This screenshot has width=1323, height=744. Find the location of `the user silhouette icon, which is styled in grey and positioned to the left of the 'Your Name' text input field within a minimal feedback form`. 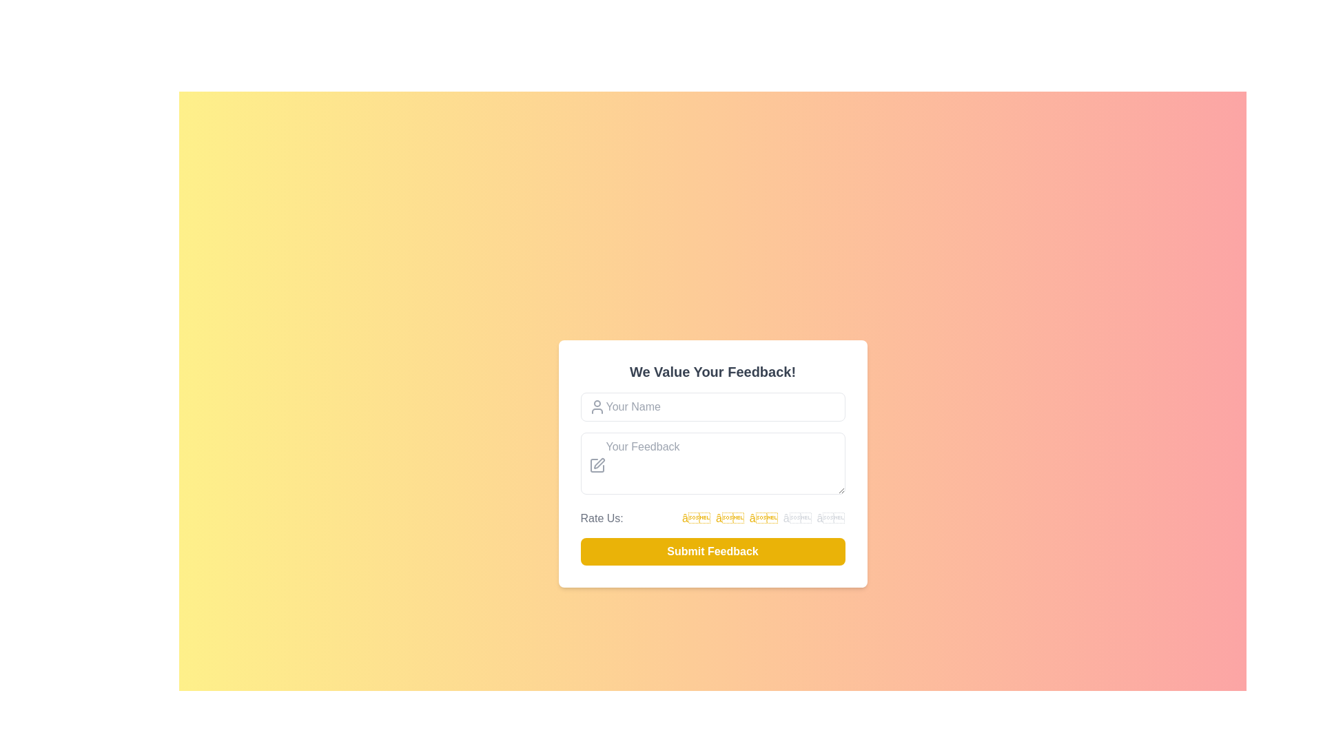

the user silhouette icon, which is styled in grey and positioned to the left of the 'Your Name' text input field within a minimal feedback form is located at coordinates (597, 406).